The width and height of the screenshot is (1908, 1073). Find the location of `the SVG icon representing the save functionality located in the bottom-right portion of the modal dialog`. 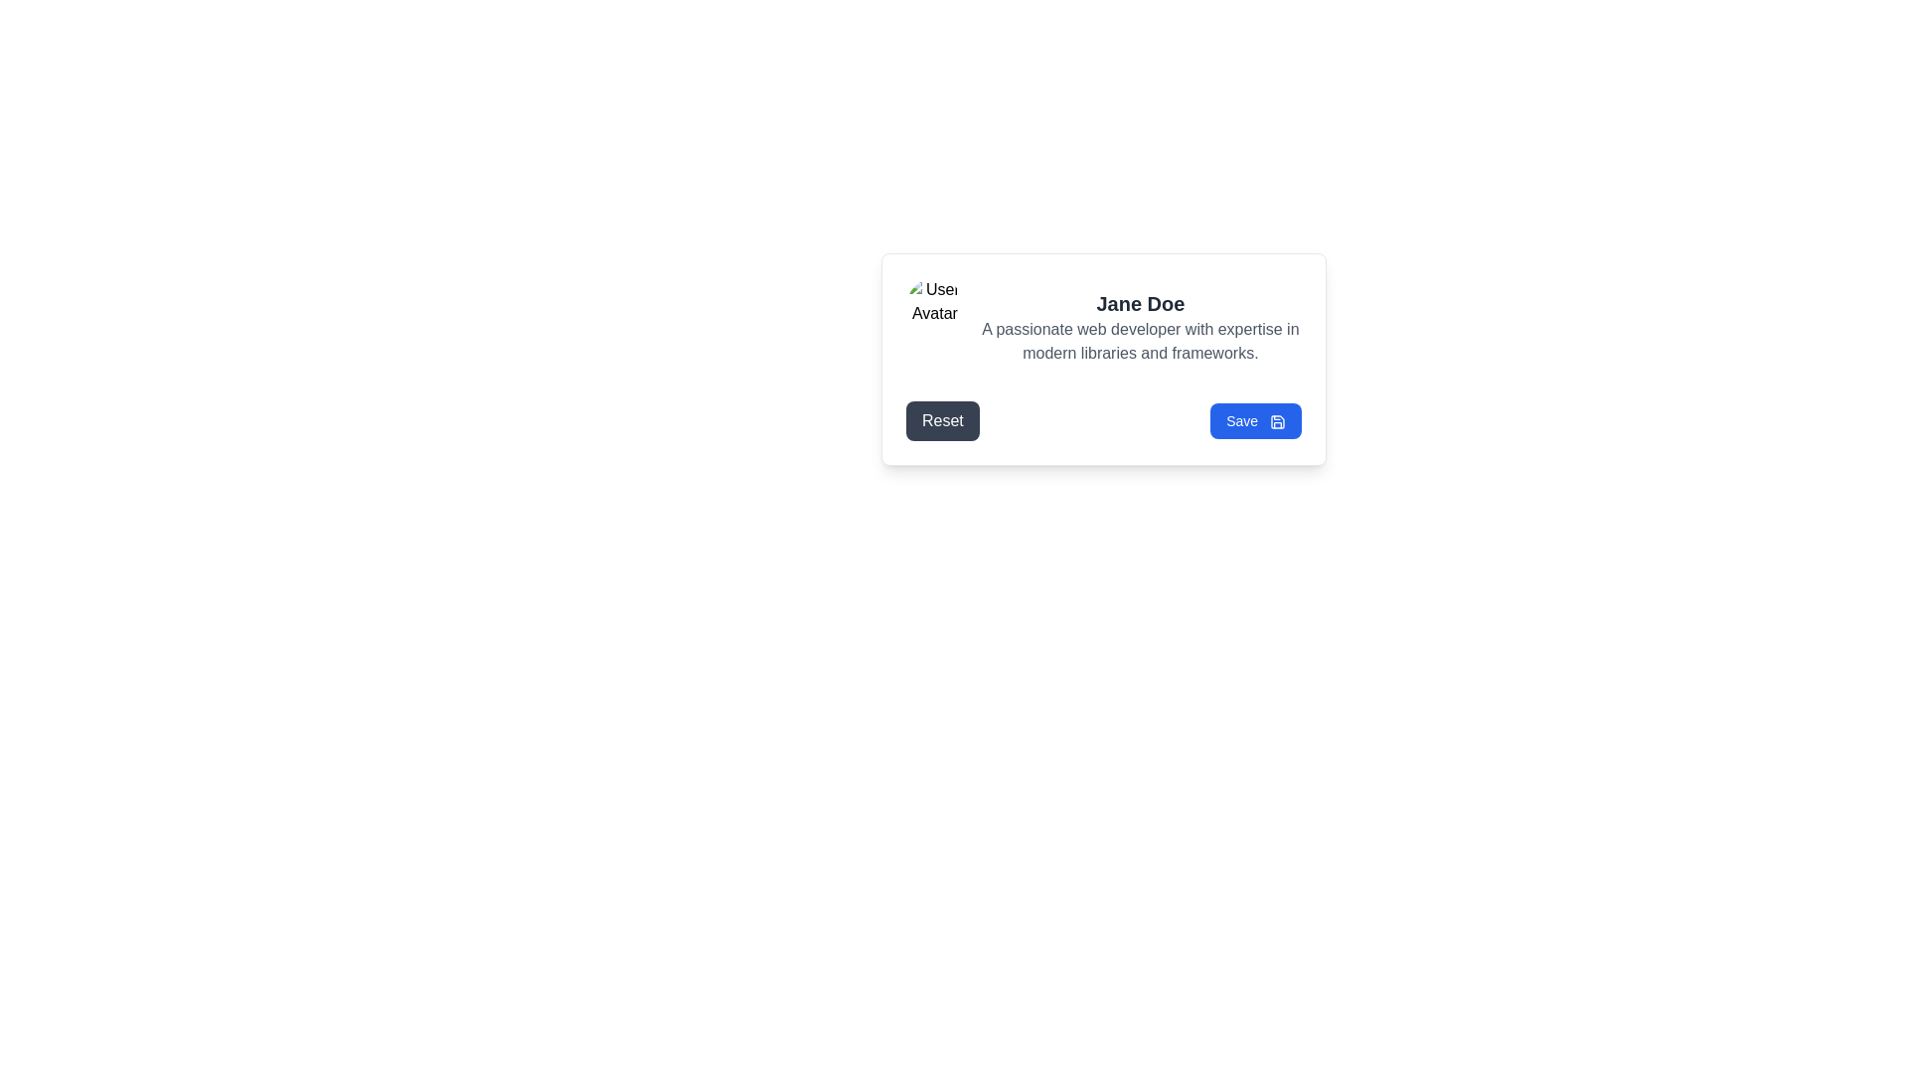

the SVG icon representing the save functionality located in the bottom-right portion of the modal dialog is located at coordinates (1278, 420).